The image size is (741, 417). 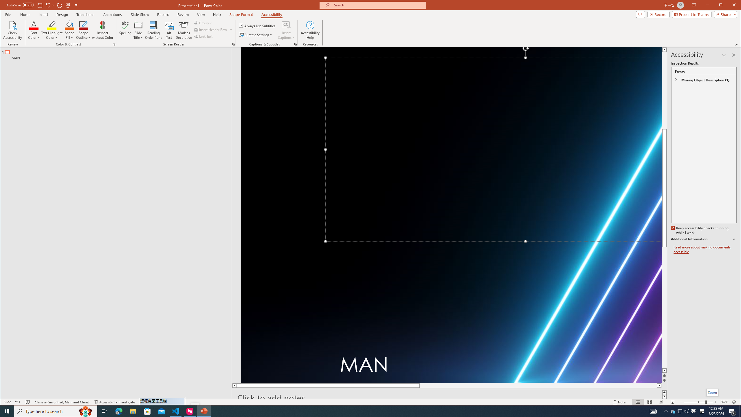 I want to click on 'Always Use Subtitles', so click(x=257, y=25).